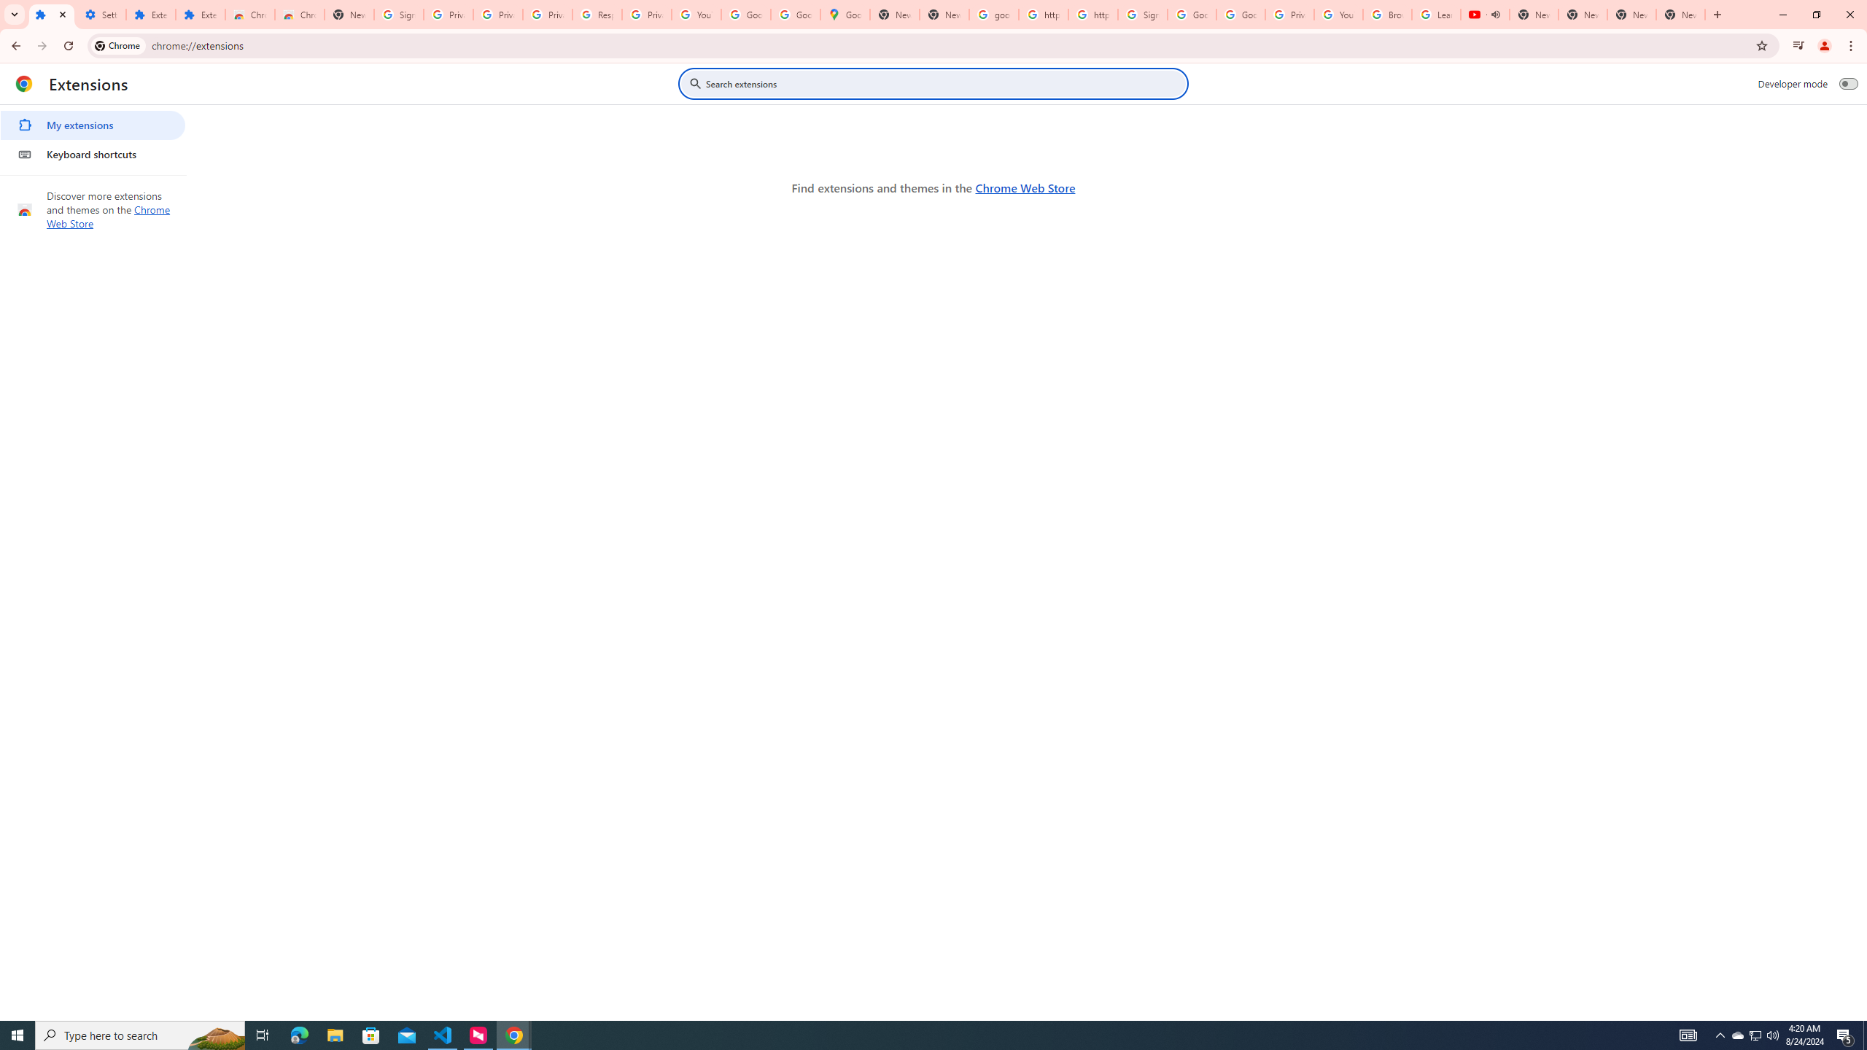  I want to click on 'New Tab', so click(1680, 14).